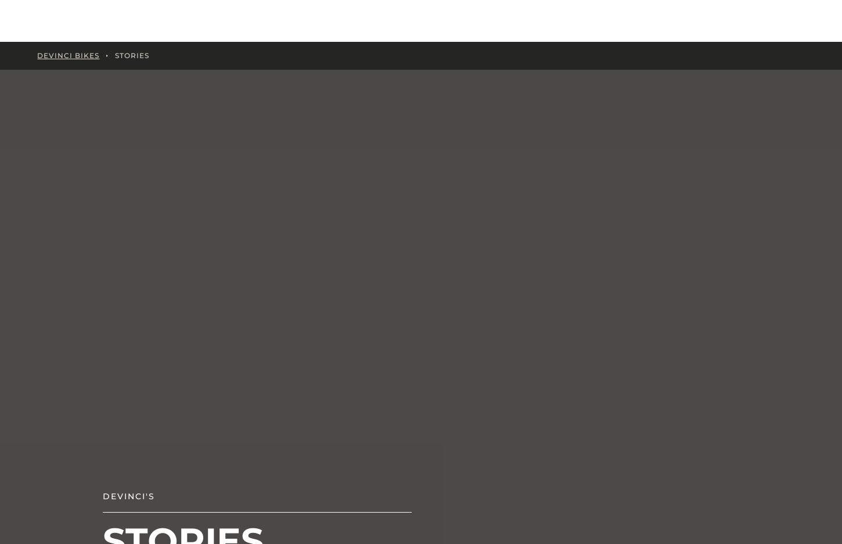 The width and height of the screenshot is (842, 544). What do you see at coordinates (208, 20) in the screenshot?
I see `'Bikes'` at bounding box center [208, 20].